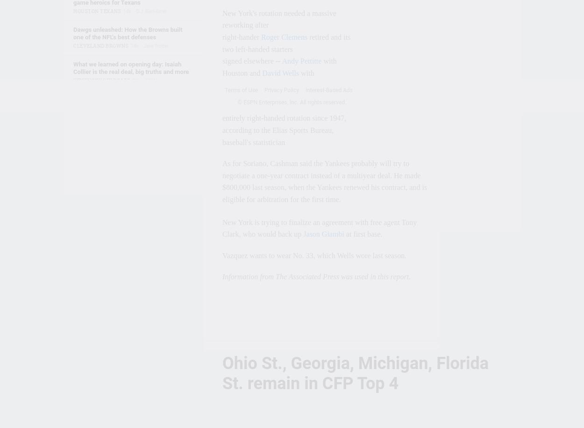 This screenshot has height=428, width=584. What do you see at coordinates (280, 72) in the screenshot?
I see `'David Wells'` at bounding box center [280, 72].